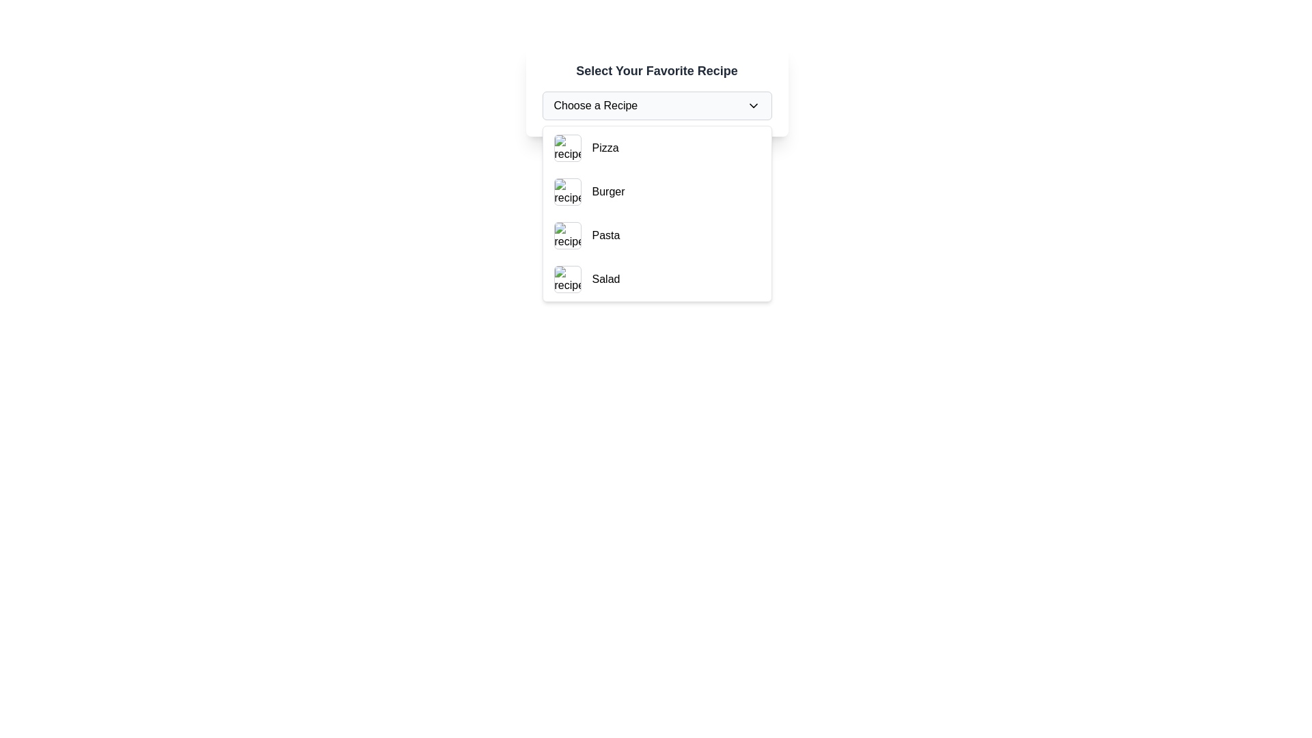  What do you see at coordinates (605, 234) in the screenshot?
I see `the 'Pasta' option in the dropdown menu` at bounding box center [605, 234].